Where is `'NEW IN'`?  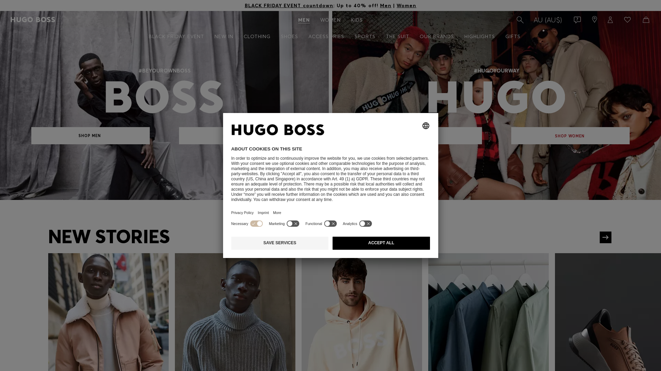 'NEW IN' is located at coordinates (224, 36).